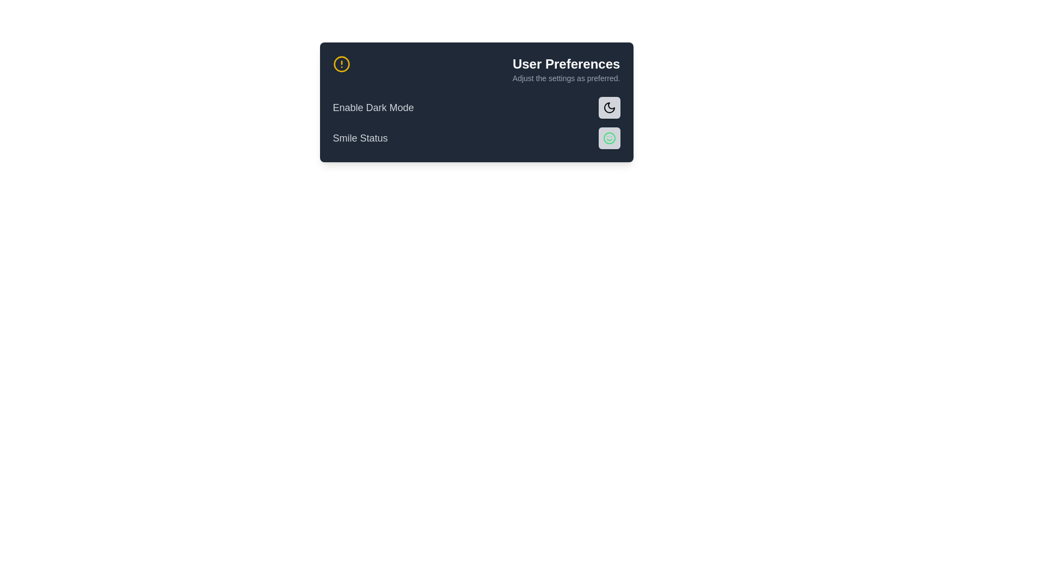 The width and height of the screenshot is (1045, 588). I want to click on the moon icon in the top-right section of the 'User Preferences' card, so click(608, 107).